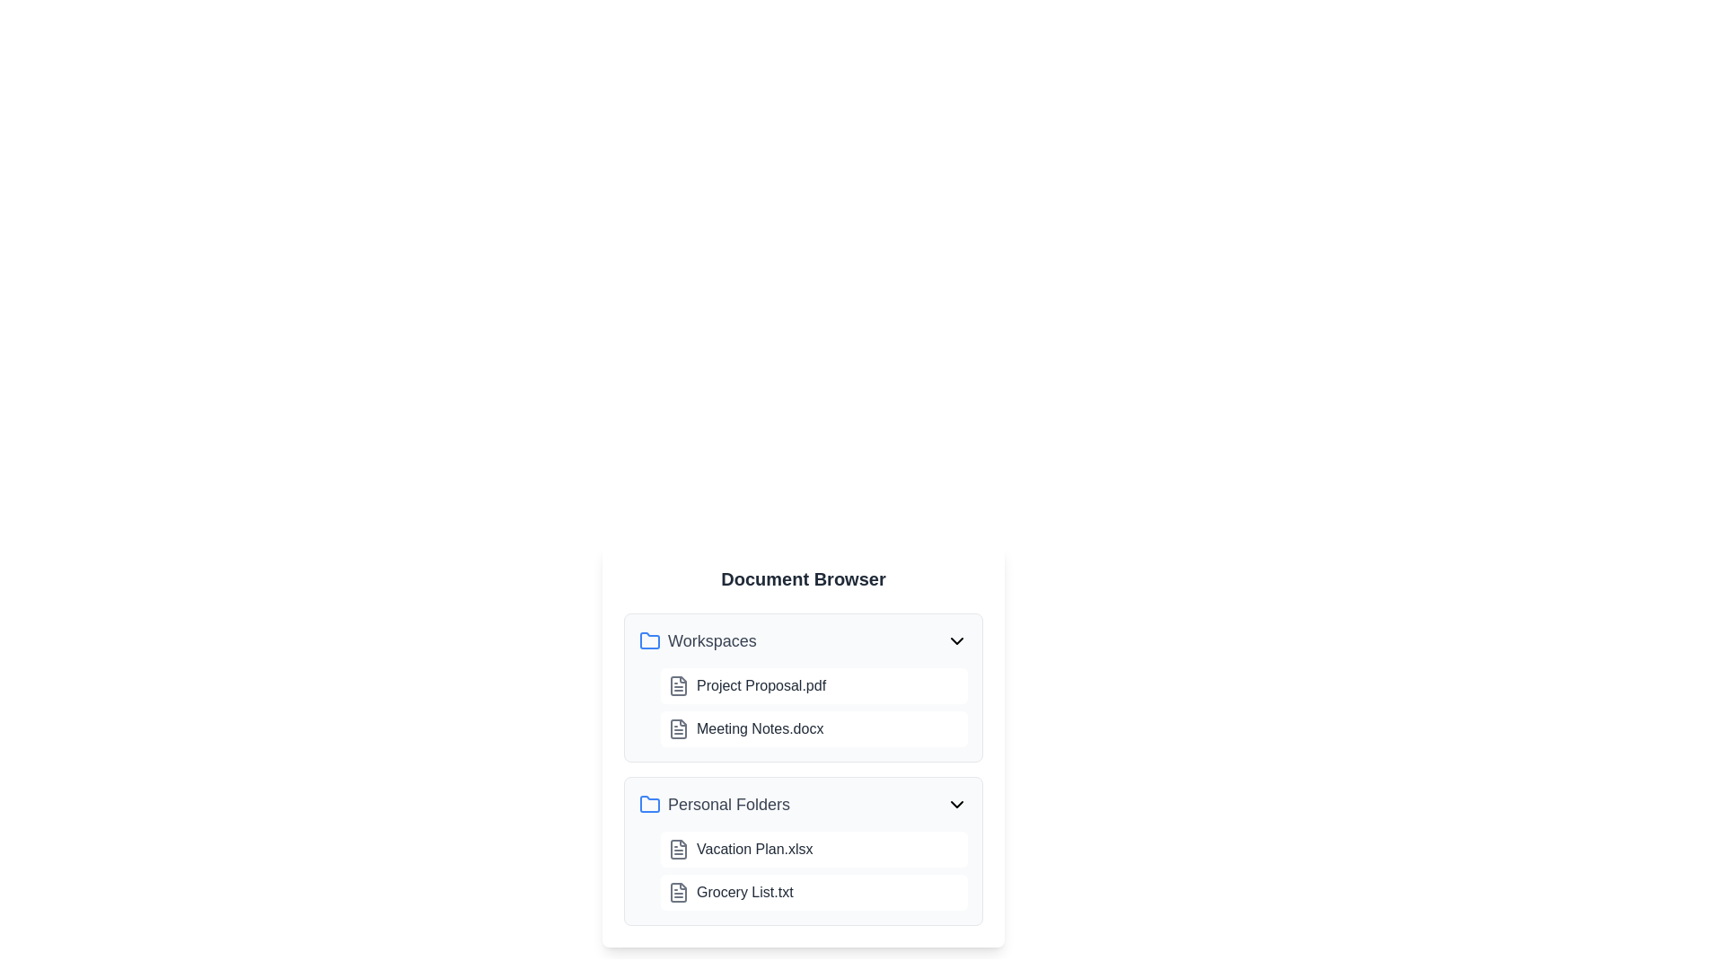 The height and width of the screenshot is (970, 1724). What do you see at coordinates (955, 639) in the screenshot?
I see `the chevron-down SVG icon located at the far-right end of the header for the 'Workspaces' section` at bounding box center [955, 639].